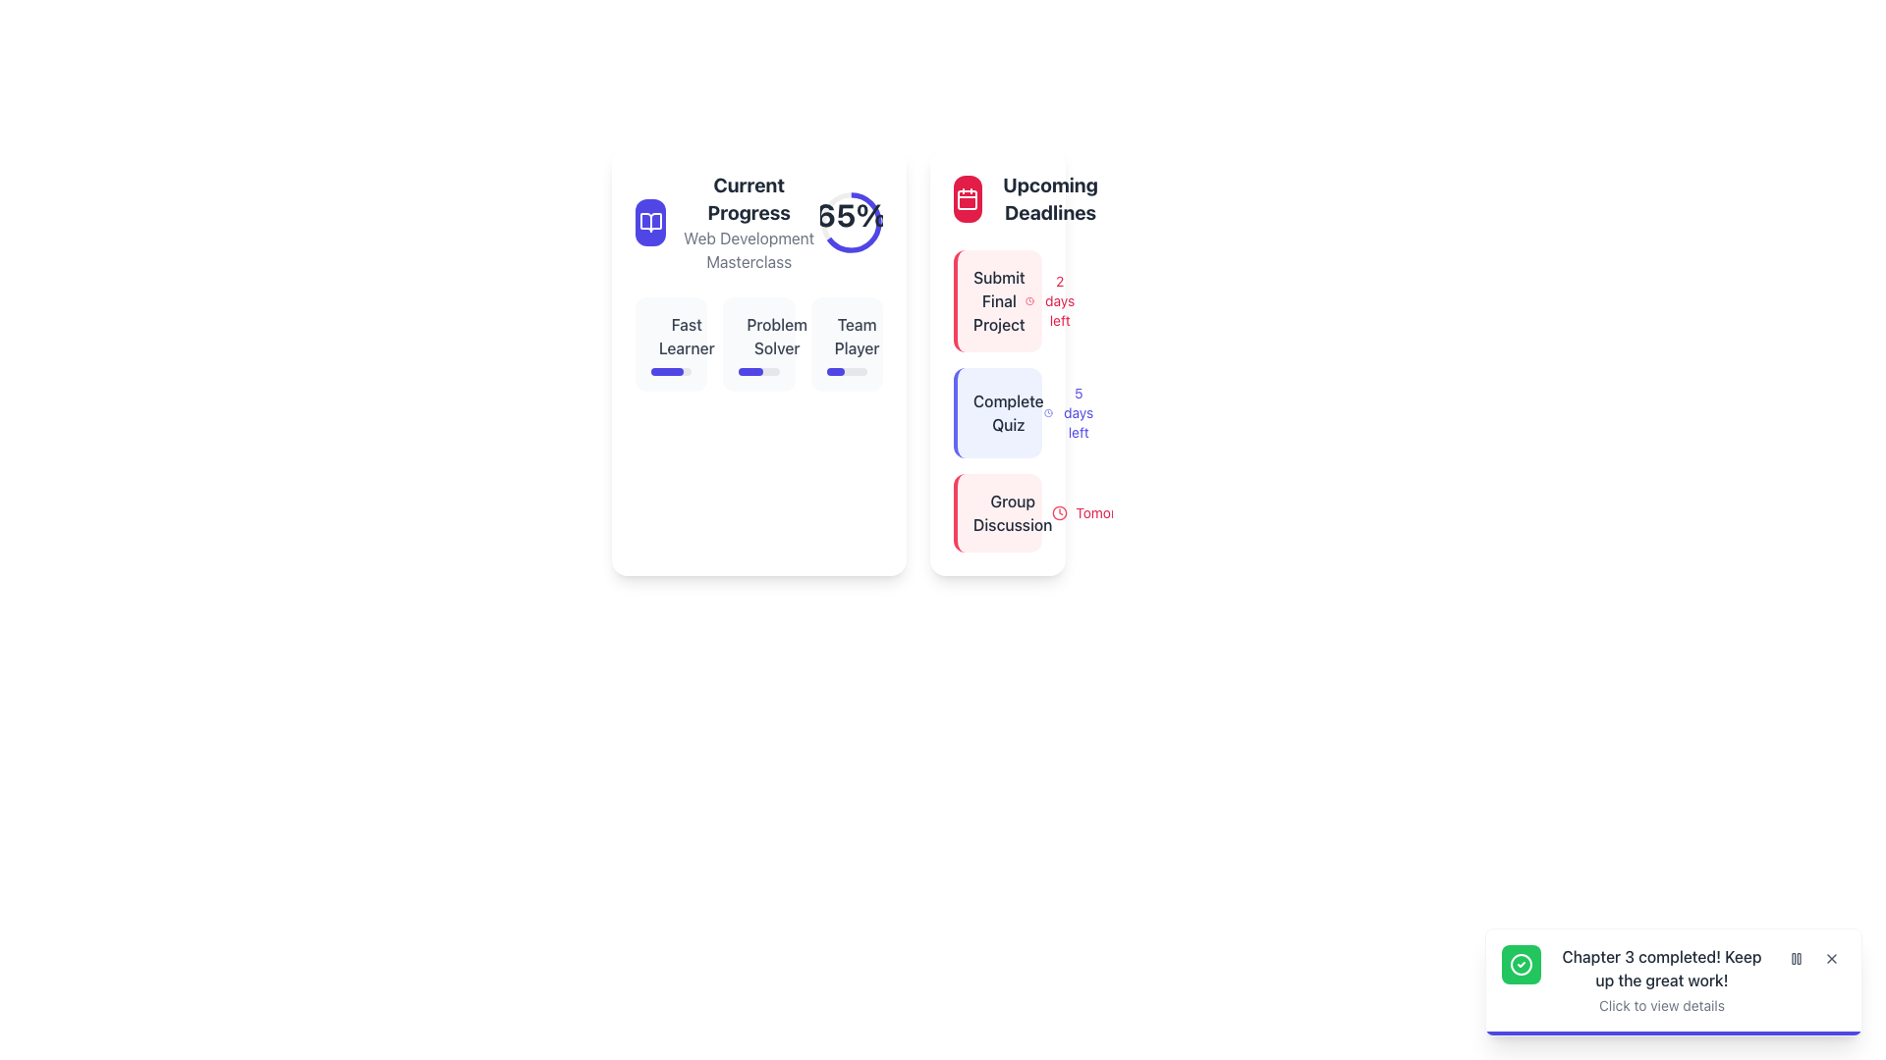 This screenshot has height=1060, width=1886. What do you see at coordinates (749, 371) in the screenshot?
I see `the progress bar segment located under the 'Problem Solver' label in the center card of the layout, which visually represents the progress of a task` at bounding box center [749, 371].